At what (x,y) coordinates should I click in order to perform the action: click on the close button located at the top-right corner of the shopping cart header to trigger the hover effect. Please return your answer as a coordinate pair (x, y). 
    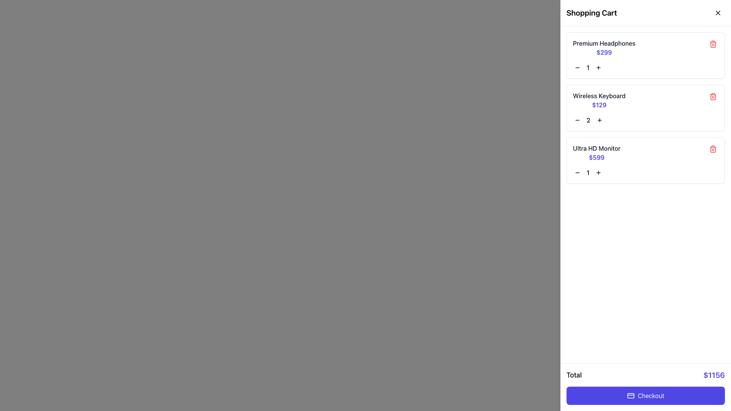
    Looking at the image, I should click on (718, 13).